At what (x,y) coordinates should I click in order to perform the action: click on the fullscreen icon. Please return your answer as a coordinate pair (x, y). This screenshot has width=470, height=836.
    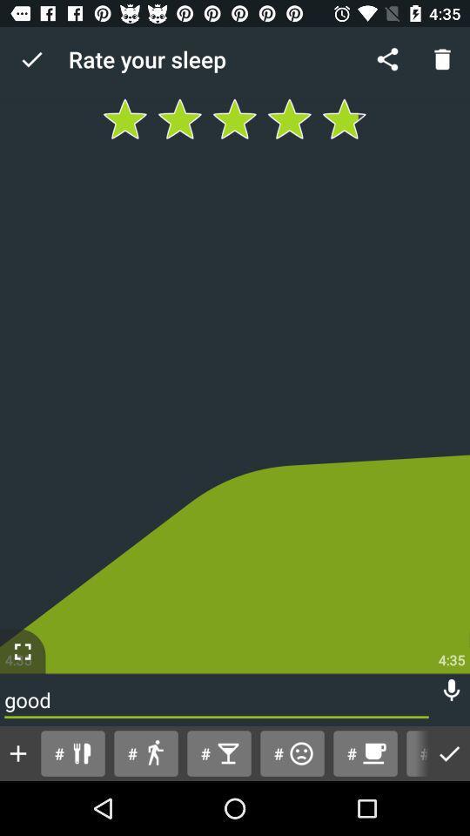
    Looking at the image, I should click on (22, 651).